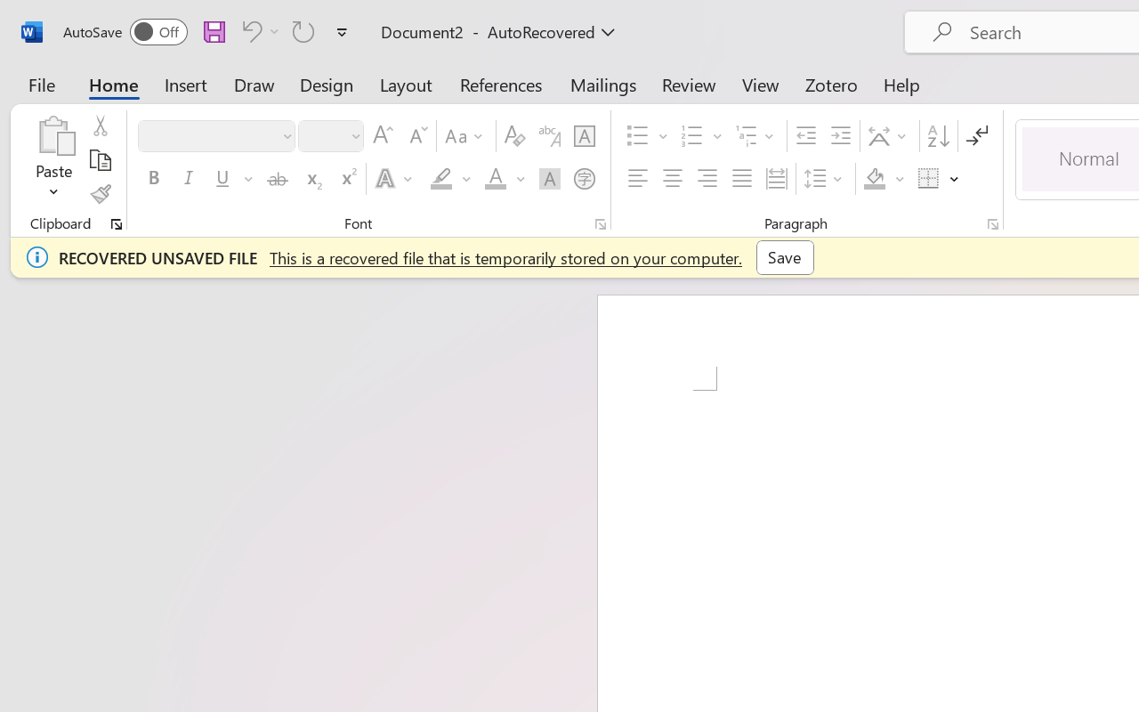  What do you see at coordinates (248, 30) in the screenshot?
I see `'Can'` at bounding box center [248, 30].